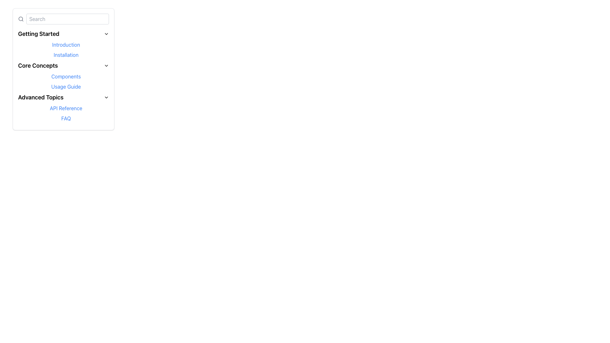 The height and width of the screenshot is (343, 610). I want to click on the 'FAQ' hyperlink in the 'Advanced Topics' section of the sidebar, so click(66, 118).